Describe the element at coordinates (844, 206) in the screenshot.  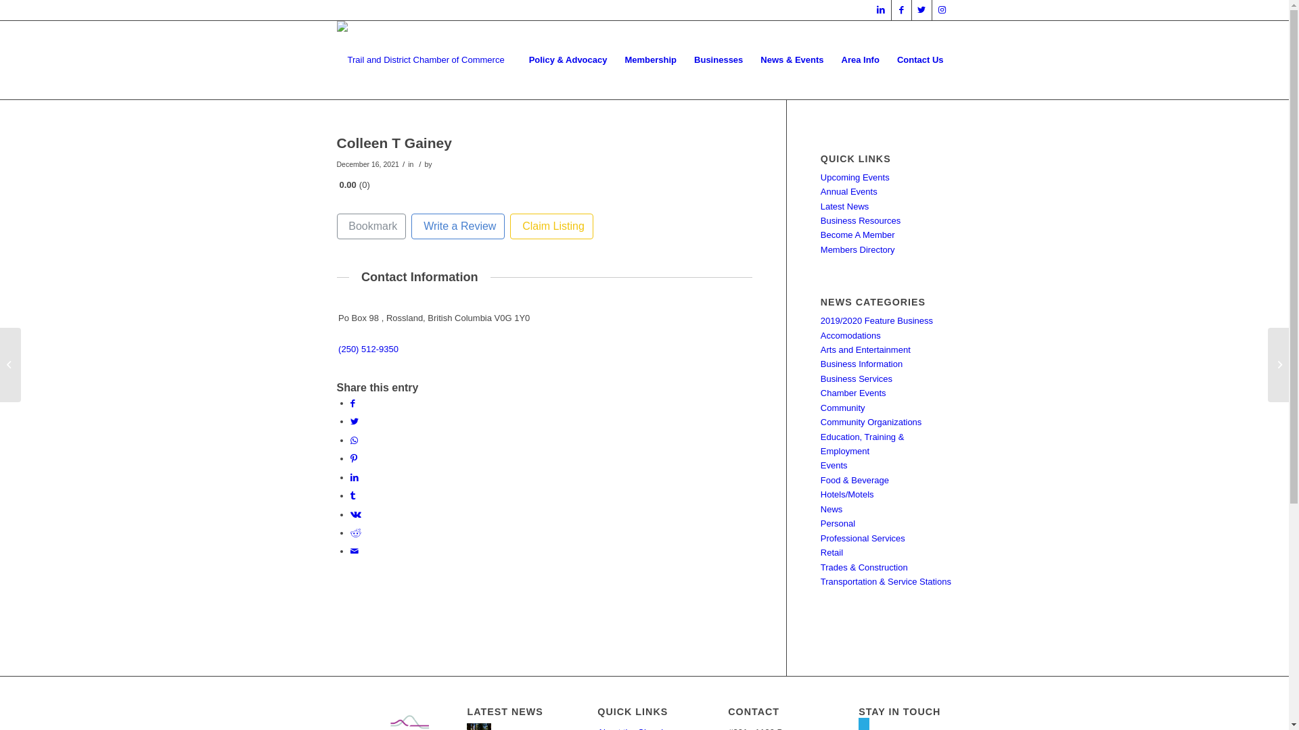
I see `'Latest News'` at that location.